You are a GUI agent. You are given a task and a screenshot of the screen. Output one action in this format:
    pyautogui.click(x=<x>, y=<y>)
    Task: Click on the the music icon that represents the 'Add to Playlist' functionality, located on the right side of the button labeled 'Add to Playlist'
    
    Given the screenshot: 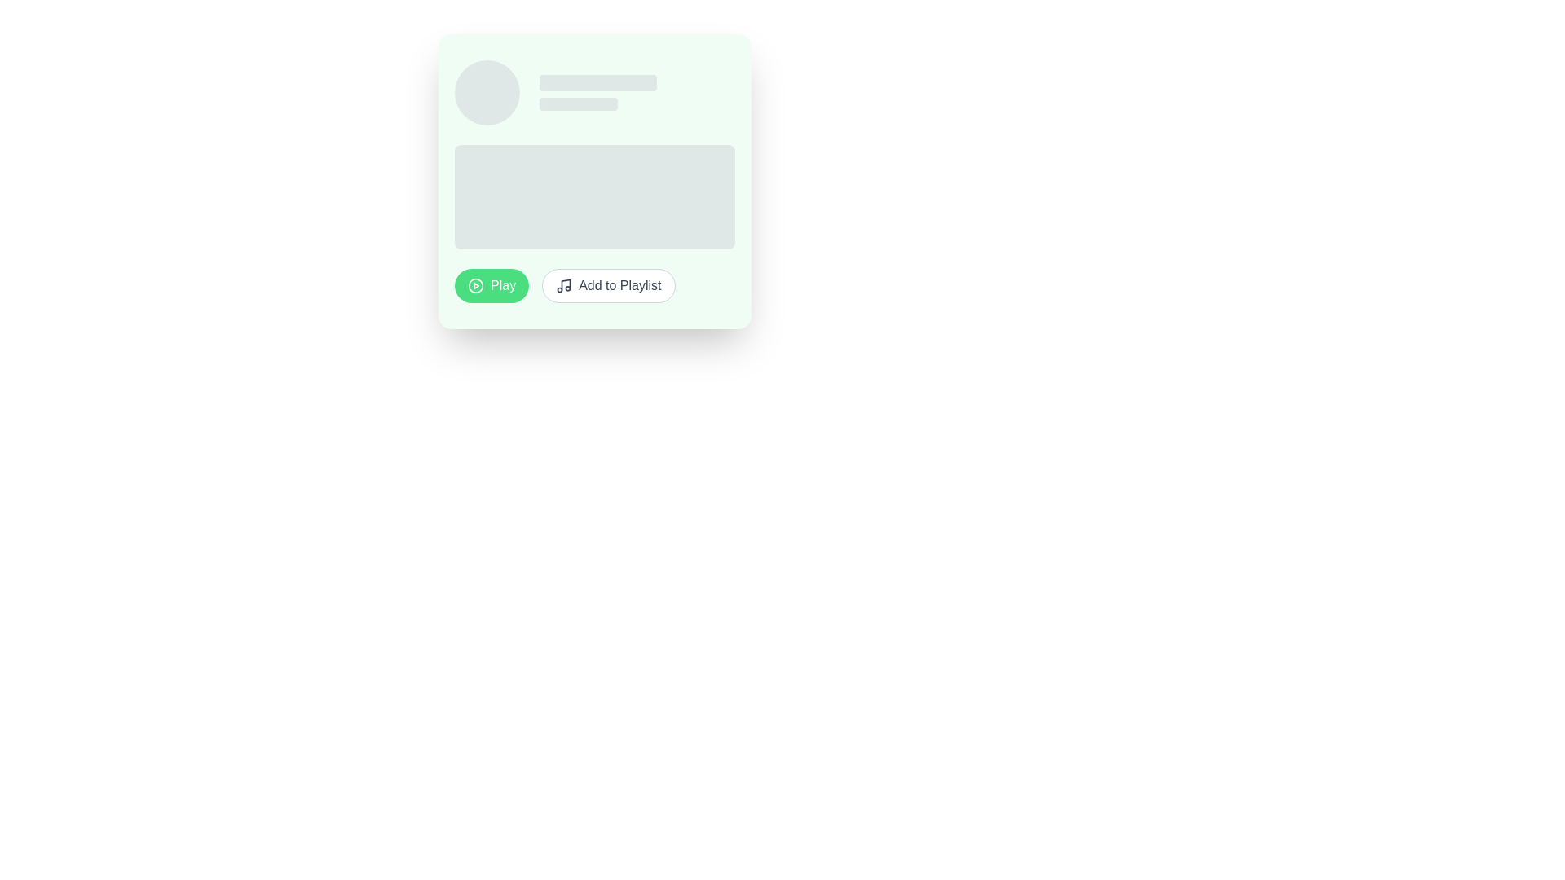 What is the action you would take?
    pyautogui.click(x=564, y=285)
    